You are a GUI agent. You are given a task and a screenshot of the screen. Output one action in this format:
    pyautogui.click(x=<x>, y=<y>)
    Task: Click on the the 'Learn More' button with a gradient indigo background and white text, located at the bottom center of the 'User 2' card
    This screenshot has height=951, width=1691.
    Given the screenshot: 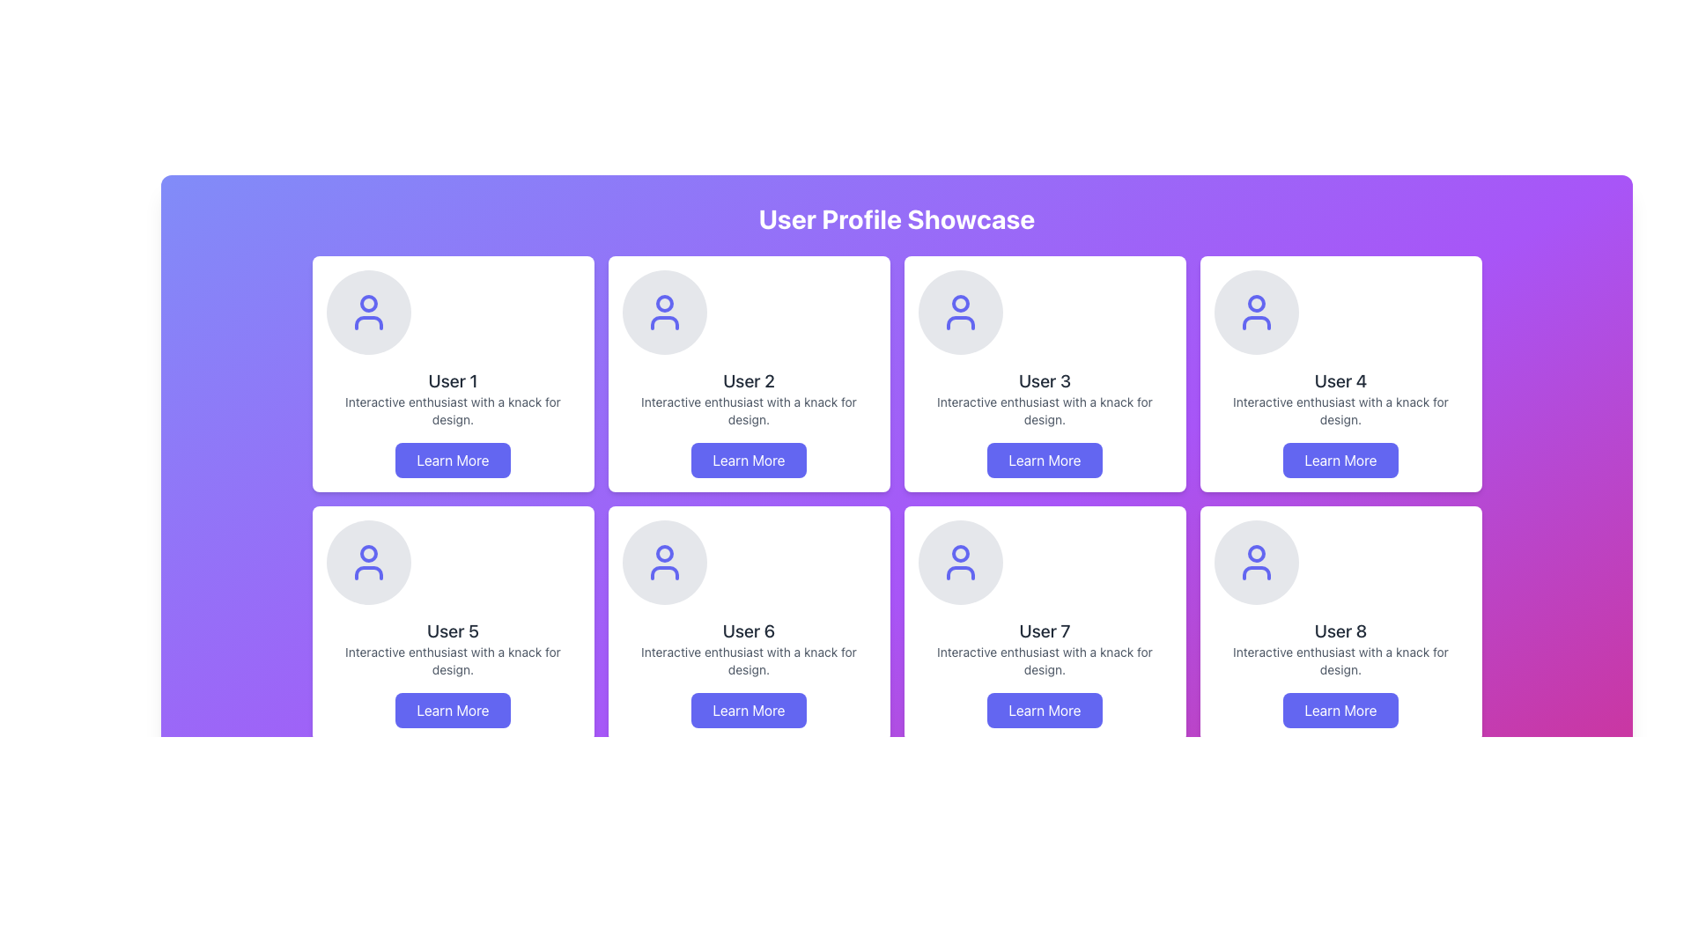 What is the action you would take?
    pyautogui.click(x=749, y=460)
    